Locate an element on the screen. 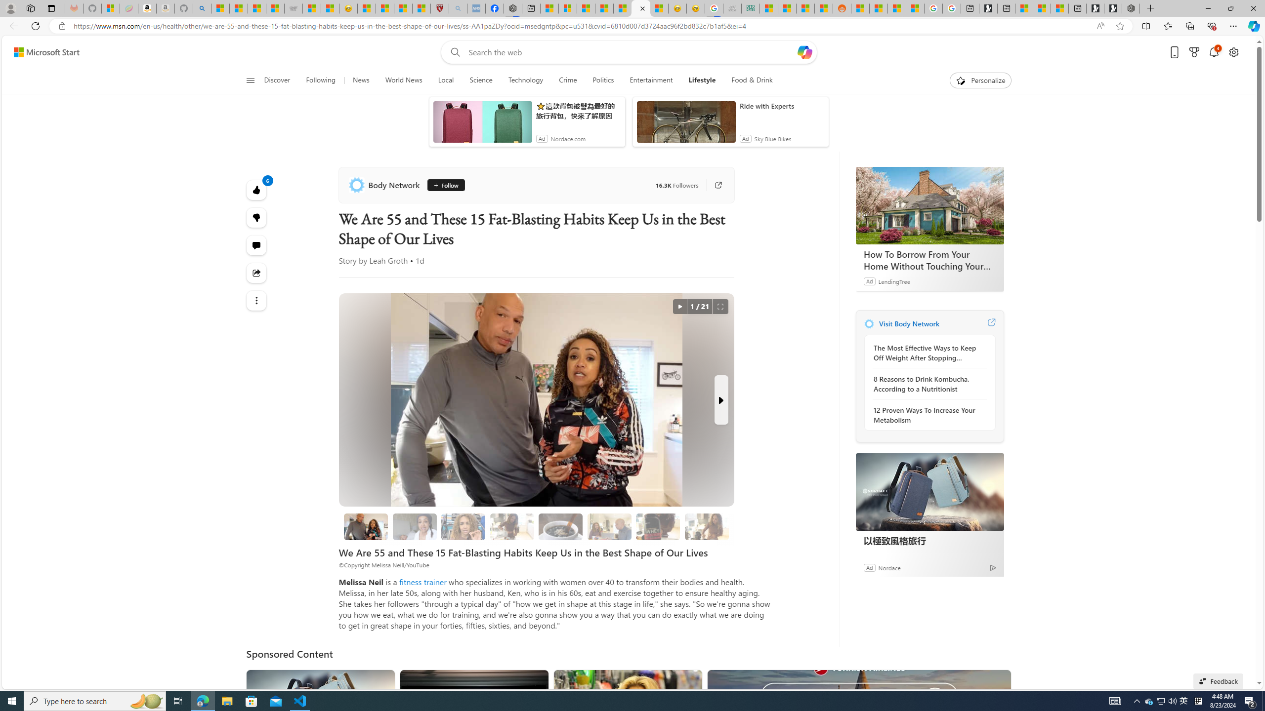  '8 Be Mindful of Coffee' is located at coordinates (560, 526).